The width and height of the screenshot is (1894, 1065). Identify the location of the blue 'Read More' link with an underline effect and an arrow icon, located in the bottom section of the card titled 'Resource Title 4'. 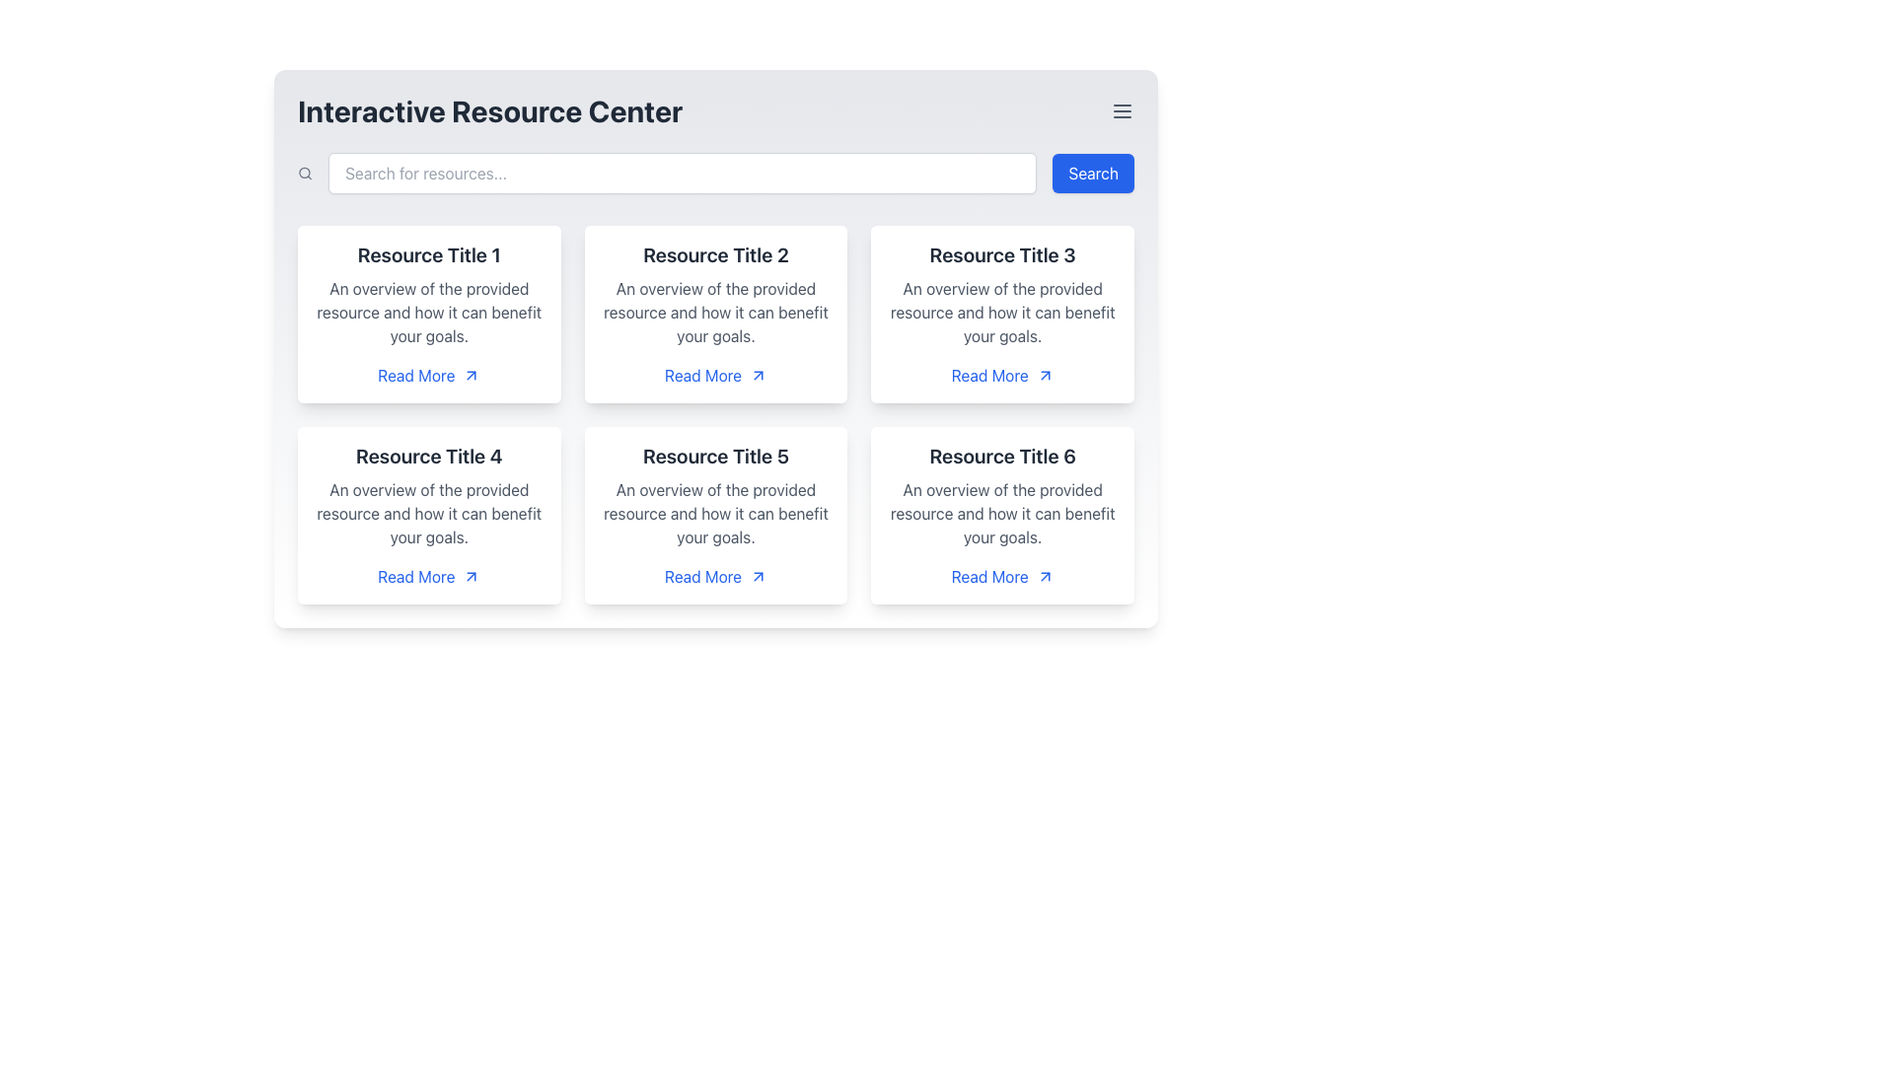
(428, 577).